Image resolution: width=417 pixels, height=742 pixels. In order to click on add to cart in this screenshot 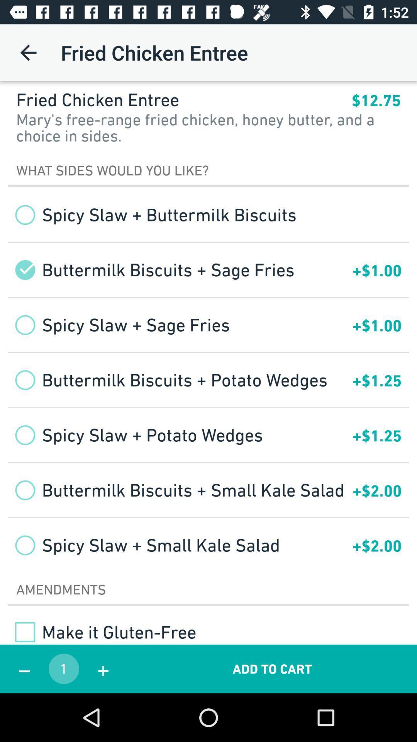, I will do `click(272, 669)`.